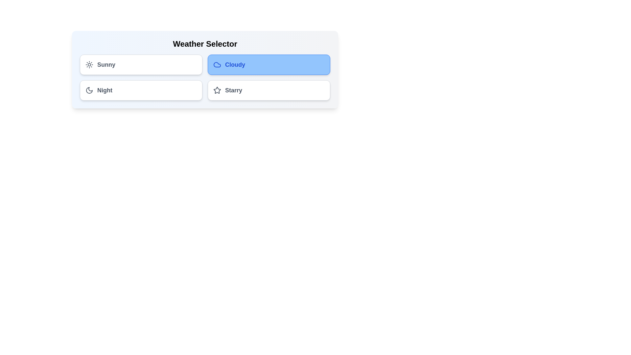  I want to click on the weather chip labeled Starry, so click(269, 90).